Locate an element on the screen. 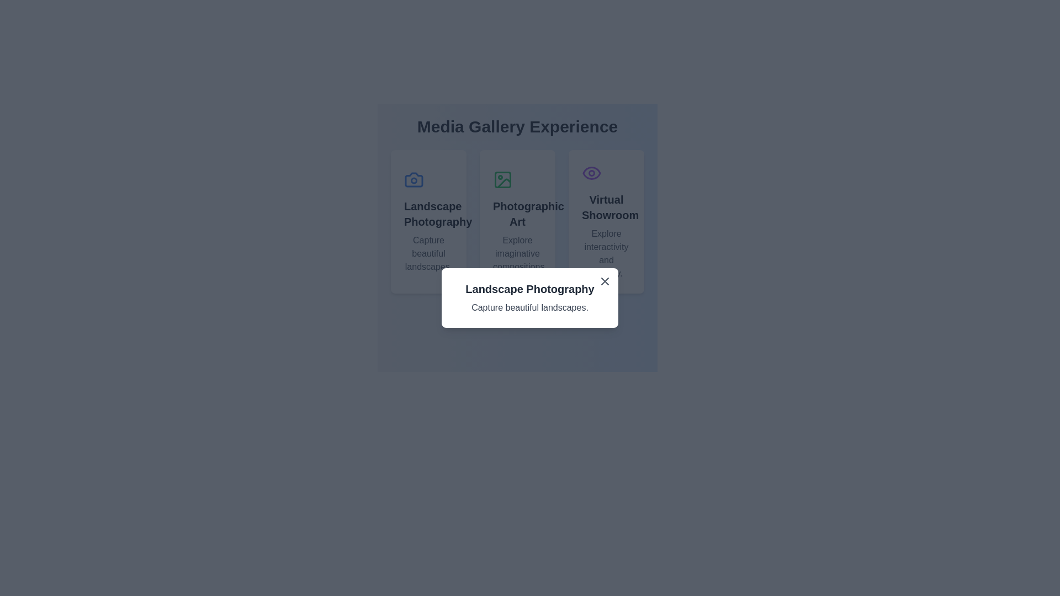 The image size is (1060, 596). text label that says 'Landscape Photography', which is styled in bold and positioned at the top of a card with a white background is located at coordinates (530, 289).